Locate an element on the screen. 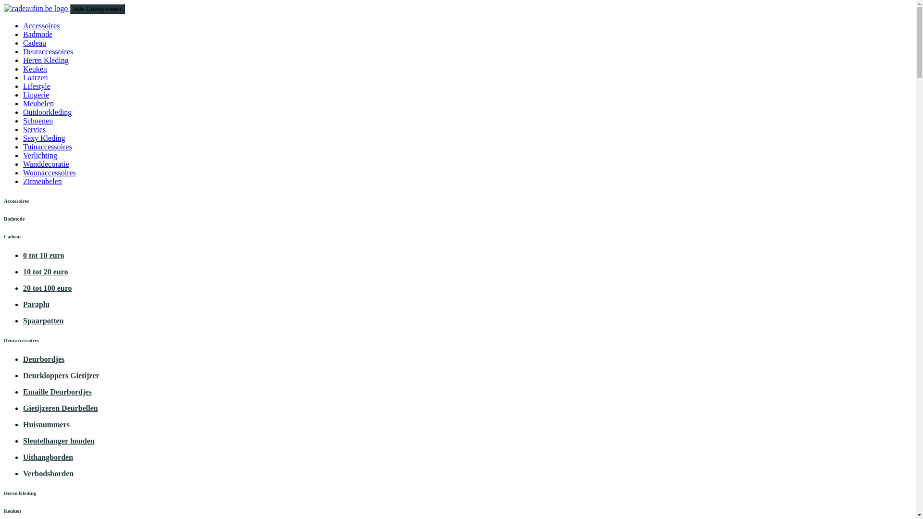  'Sexy Kleding' is located at coordinates (23, 138).